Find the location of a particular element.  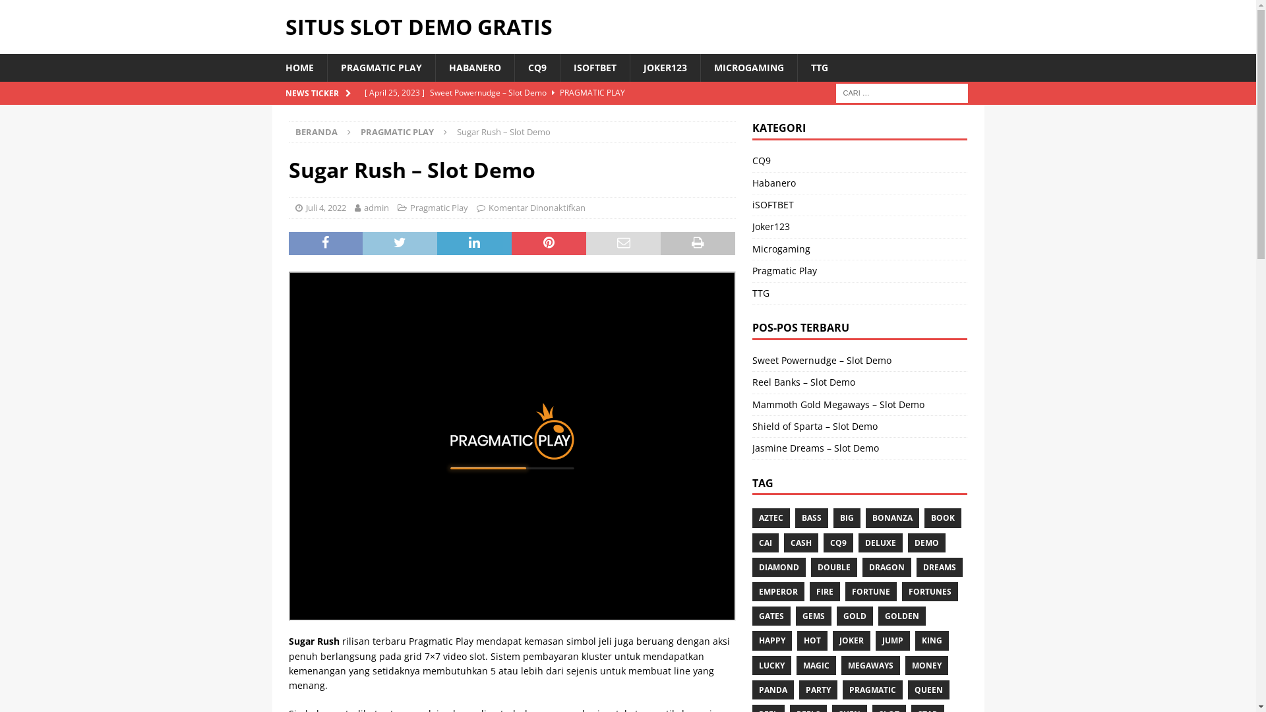

'QUEEN' is located at coordinates (928, 689).